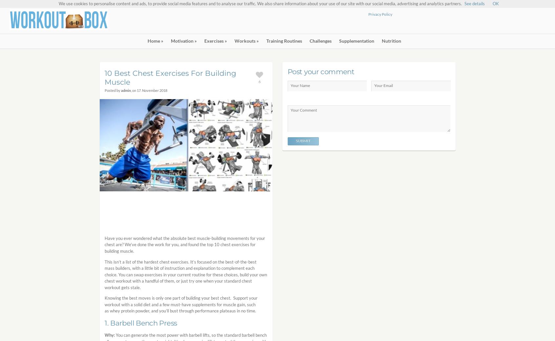 The image size is (555, 341). What do you see at coordinates (182, 40) in the screenshot?
I see `'Motivation'` at bounding box center [182, 40].